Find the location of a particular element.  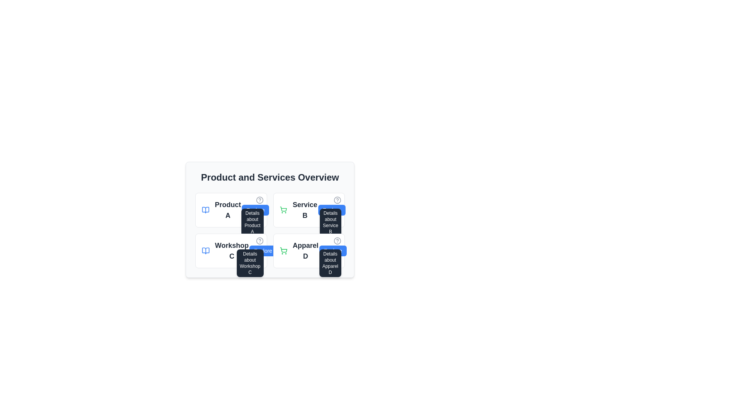

the green shopping cart icon located to the left of the 'Service B' title in the Informational Panel is located at coordinates (309, 210).